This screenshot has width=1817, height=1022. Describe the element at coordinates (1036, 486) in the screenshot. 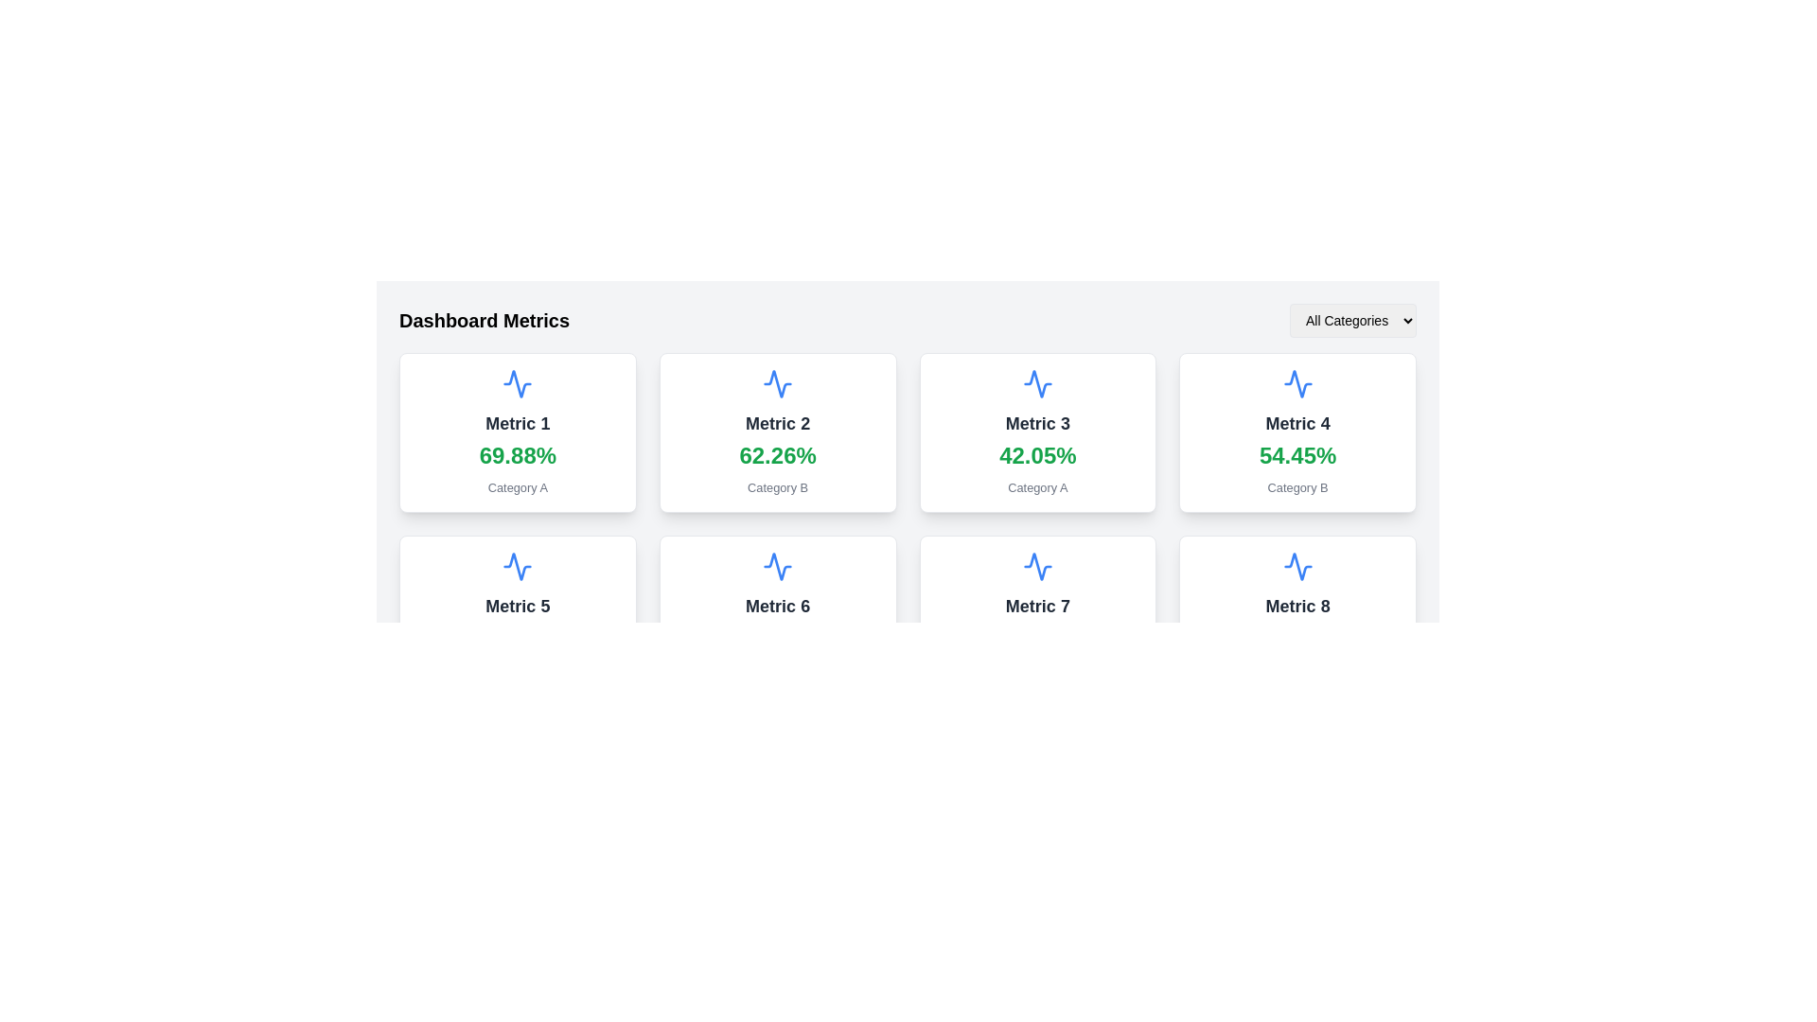

I see `the text label displaying 'Category A' located beneath the bold green percentage value '42.05%' in the 'Metric 3' card on the dashboard interface` at that location.